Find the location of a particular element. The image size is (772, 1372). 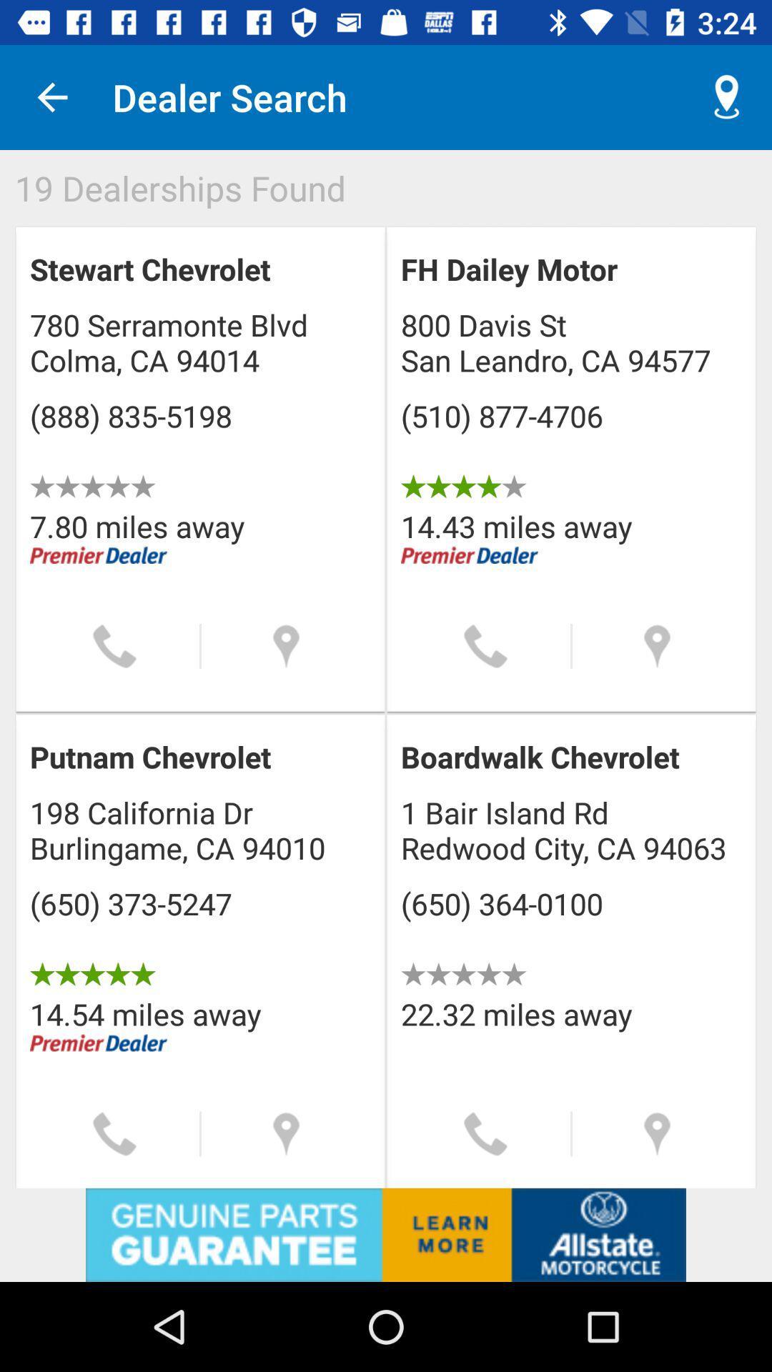

call store is located at coordinates (485, 645).